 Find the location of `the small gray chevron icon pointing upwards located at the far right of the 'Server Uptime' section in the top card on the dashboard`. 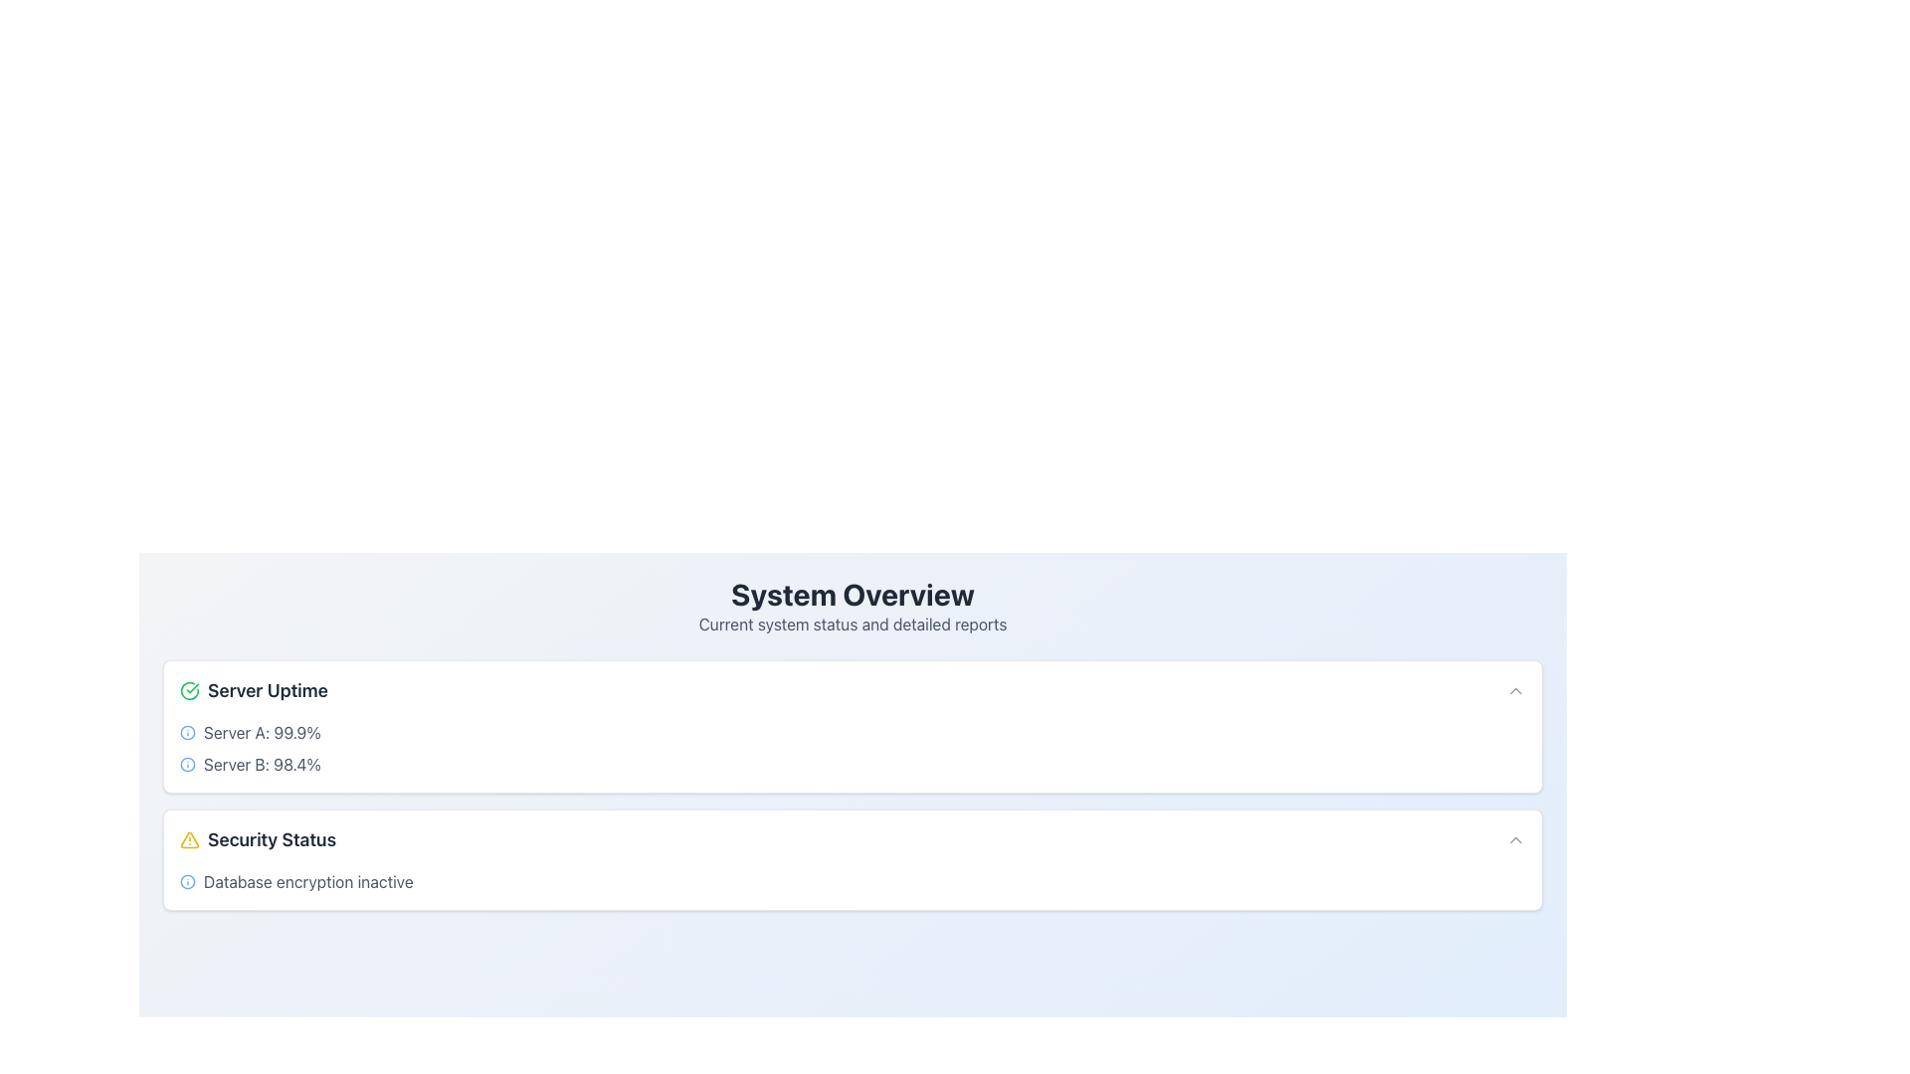

the small gray chevron icon pointing upwards located at the far right of the 'Server Uptime' section in the top card on the dashboard is located at coordinates (1514, 689).